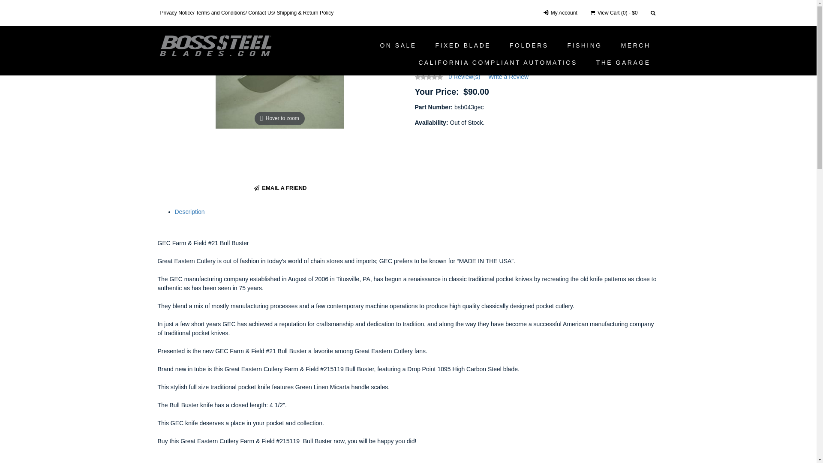 Image resolution: width=823 pixels, height=463 pixels. Describe the element at coordinates (529, 45) in the screenshot. I see `'FOLDERS'` at that location.